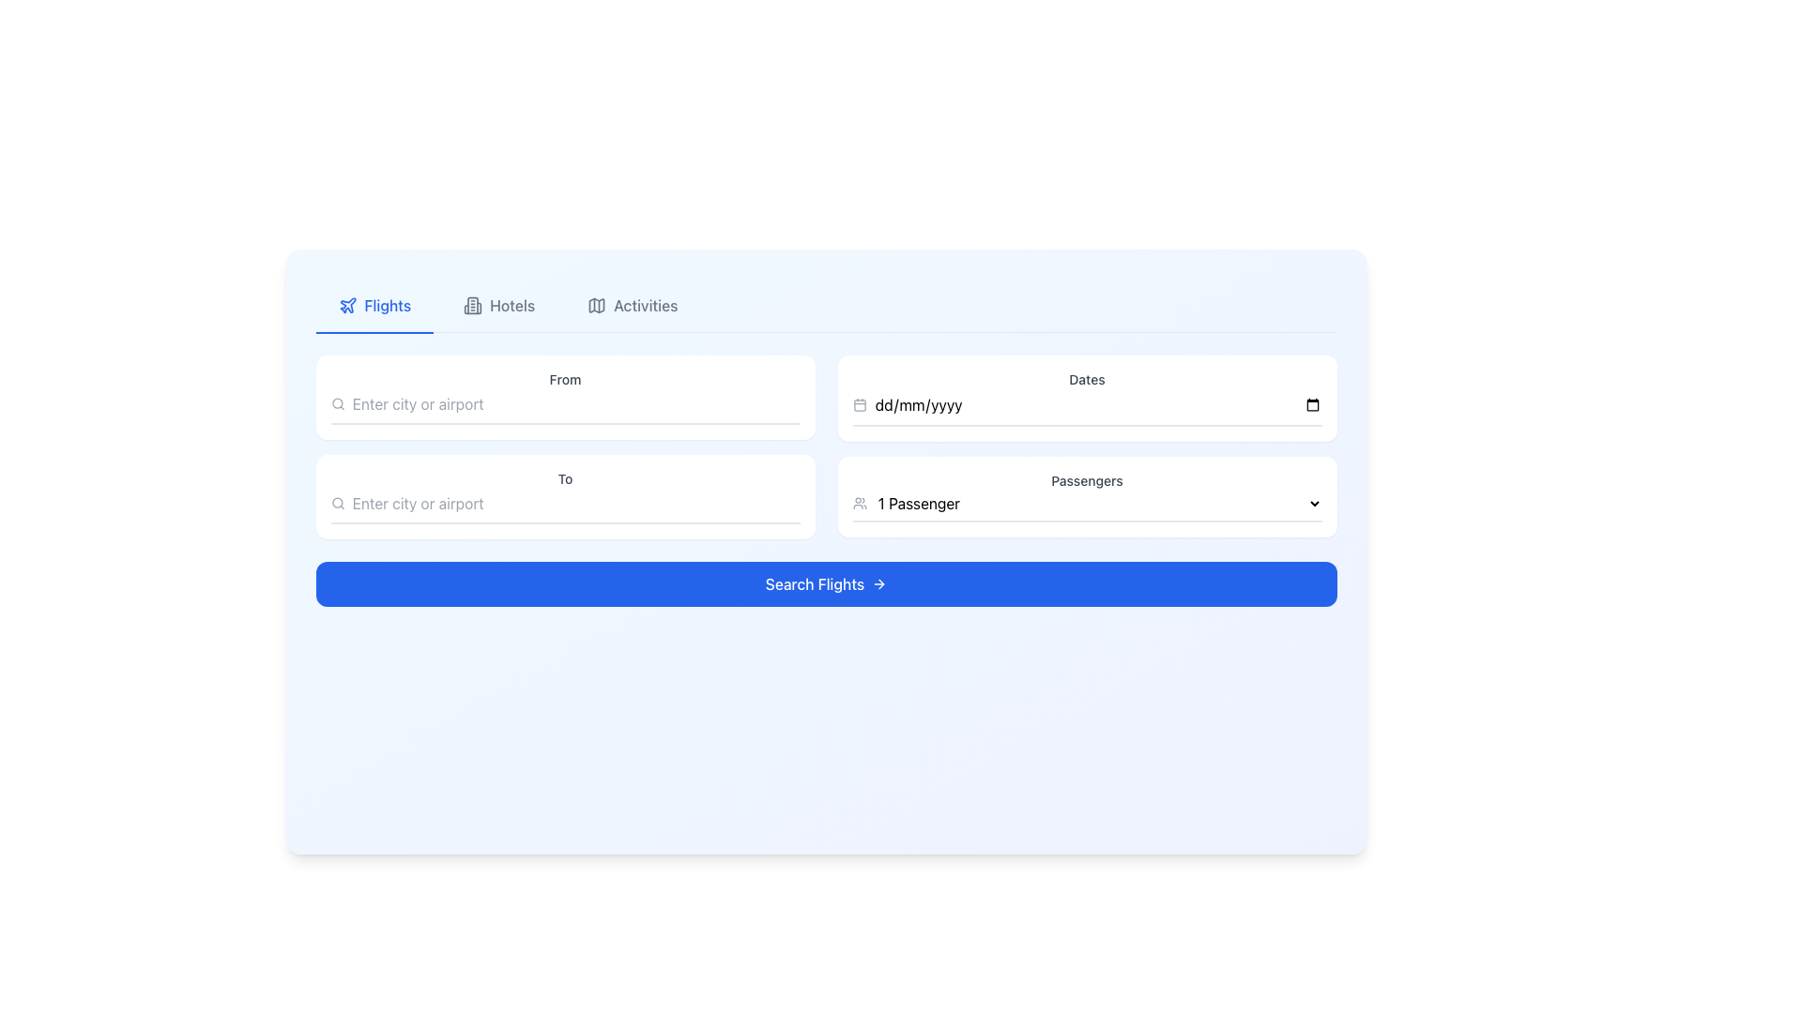 This screenshot has height=1013, width=1802. I want to click on the 'Activities' text label in the navigation bar, so click(645, 305).